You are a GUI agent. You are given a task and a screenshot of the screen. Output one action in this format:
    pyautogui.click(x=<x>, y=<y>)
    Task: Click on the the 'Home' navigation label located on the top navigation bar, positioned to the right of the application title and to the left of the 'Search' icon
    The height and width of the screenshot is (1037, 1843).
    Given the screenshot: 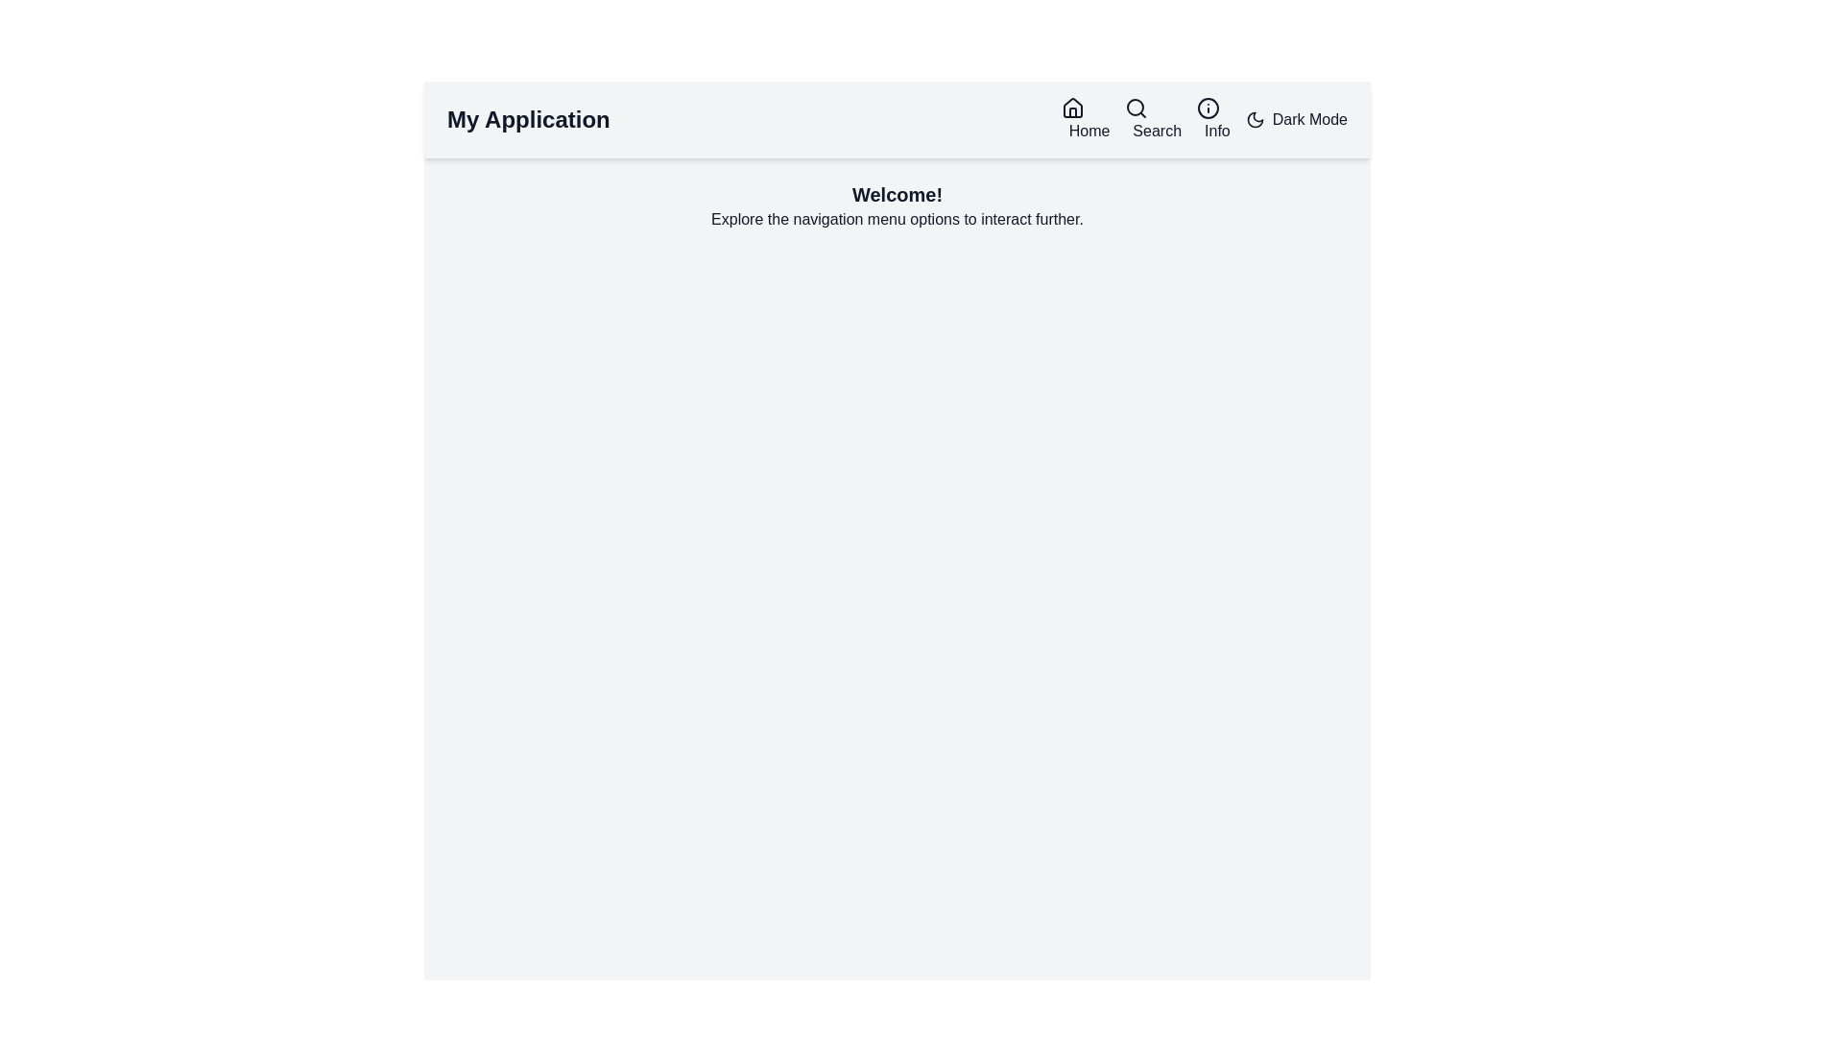 What is the action you would take?
    pyautogui.click(x=1089, y=130)
    